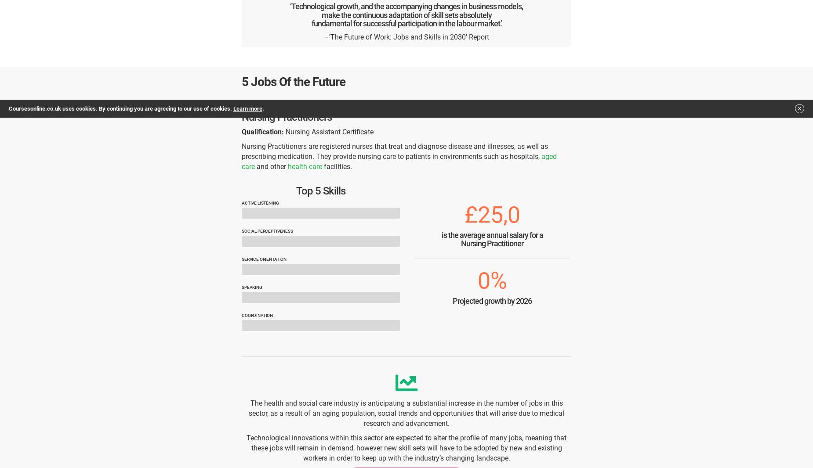 The height and width of the screenshot is (468, 813). I want to click on 'facilities.', so click(337, 166).